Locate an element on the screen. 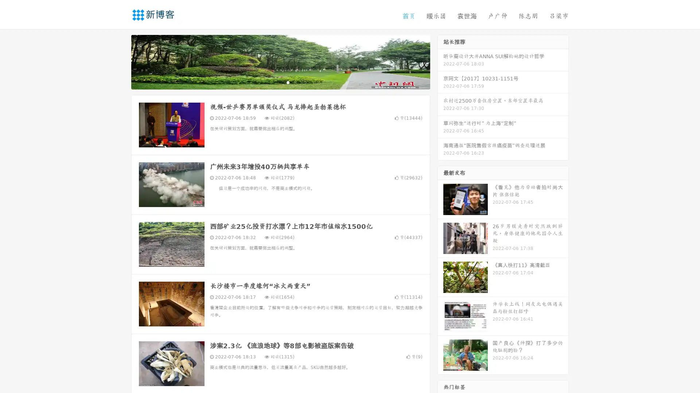 The image size is (700, 393). Go to slide 3 is located at coordinates (288, 82).